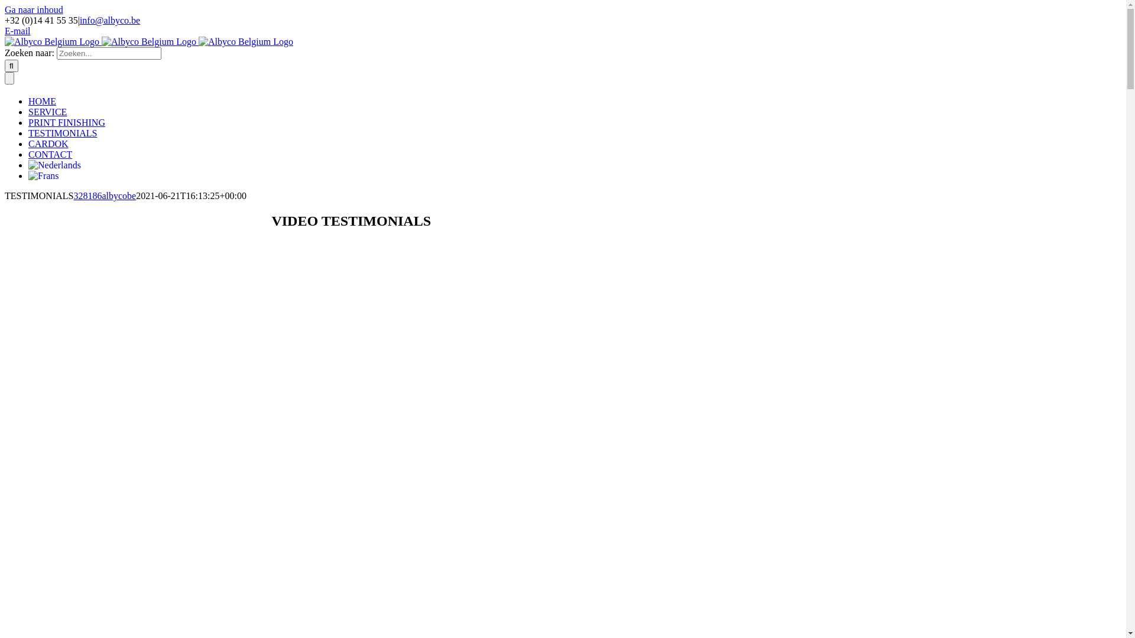 This screenshot has width=1135, height=638. I want to click on 'CONTACT', so click(50, 154).